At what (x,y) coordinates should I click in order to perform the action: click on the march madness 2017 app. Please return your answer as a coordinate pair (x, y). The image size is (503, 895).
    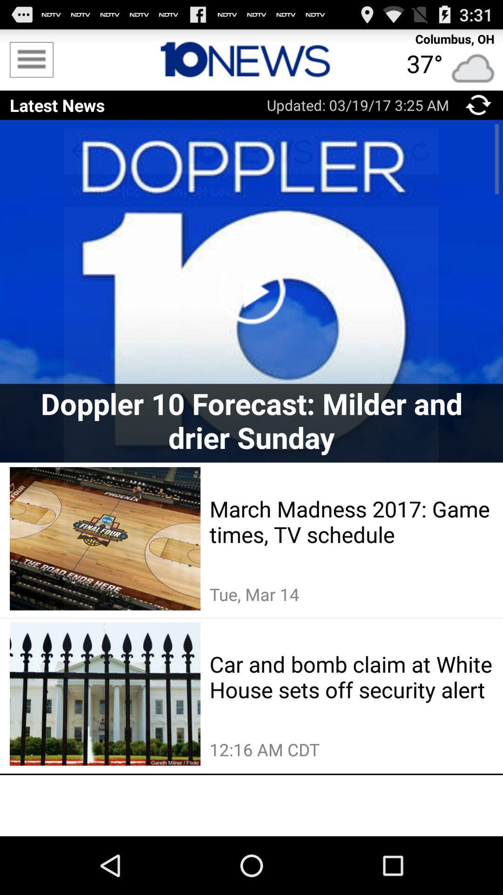
    Looking at the image, I should click on (351, 521).